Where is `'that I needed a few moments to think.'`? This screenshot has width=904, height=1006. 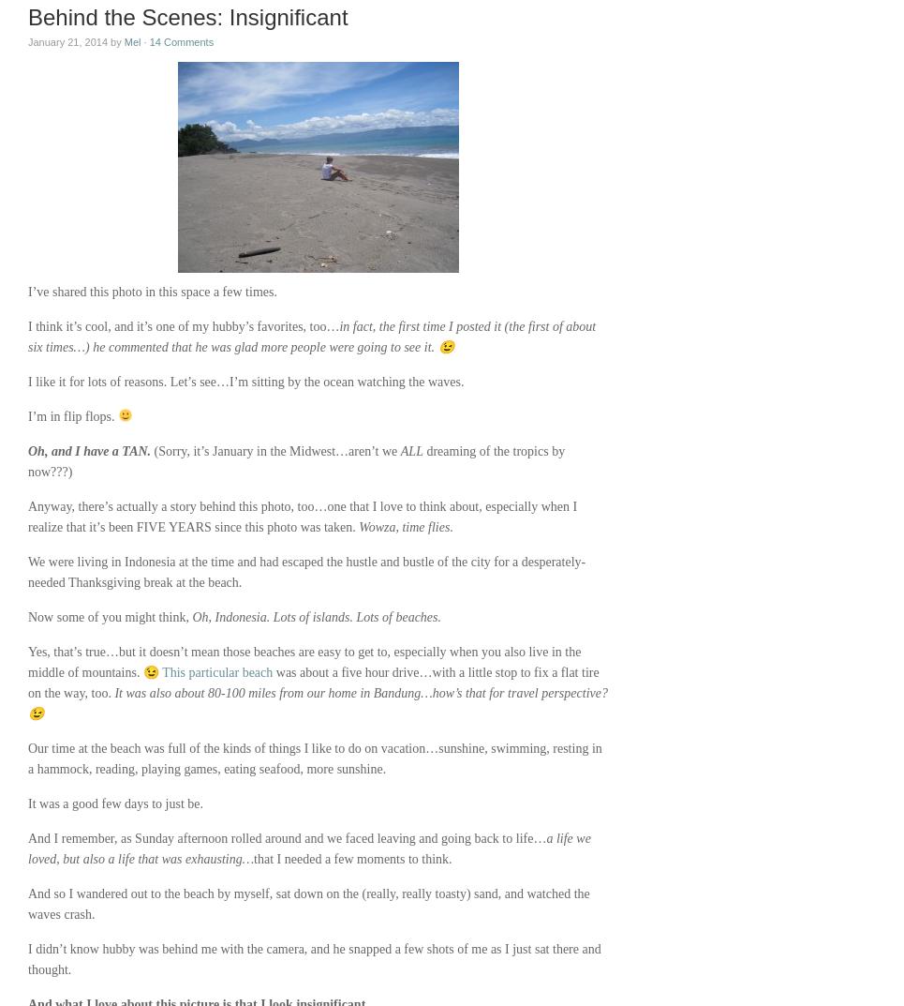 'that I needed a few moments to think.' is located at coordinates (351, 859).